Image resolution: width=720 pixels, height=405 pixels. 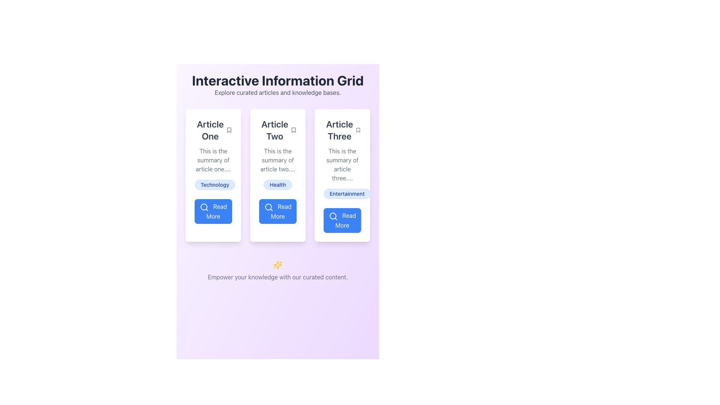 I want to click on the bookmark icon adjacent to the heading of 'Article One' to mark it, so click(x=213, y=130).